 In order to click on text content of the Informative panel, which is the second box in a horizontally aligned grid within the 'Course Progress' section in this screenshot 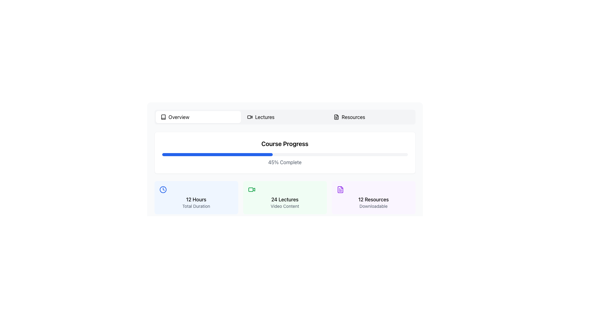, I will do `click(284, 198)`.